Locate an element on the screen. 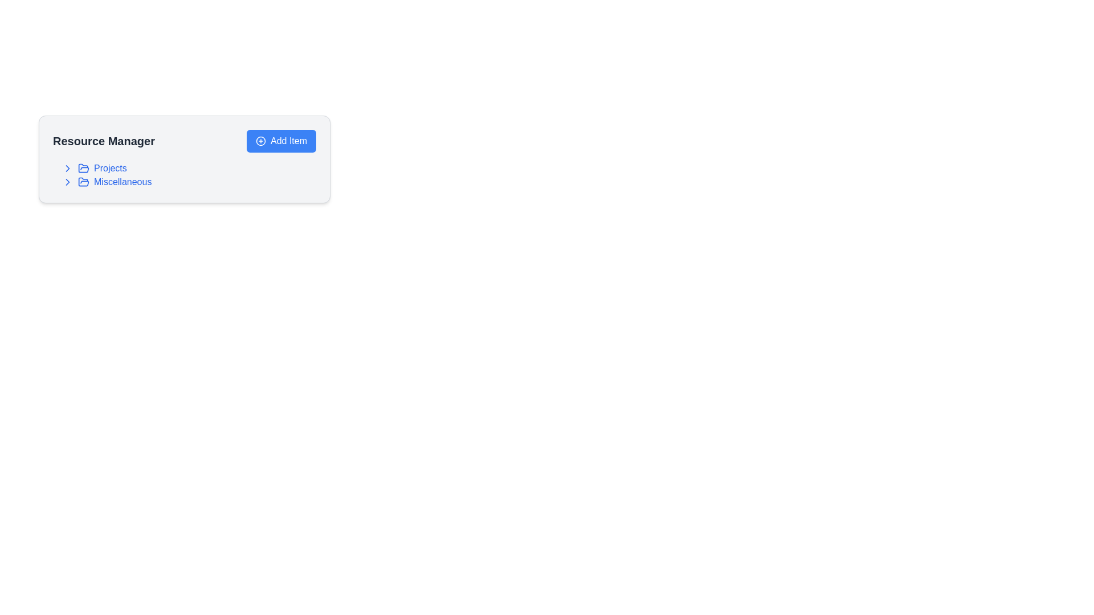  the open folder icon with a blue outline located to the left of the 'Projects' text label is located at coordinates (83, 169).